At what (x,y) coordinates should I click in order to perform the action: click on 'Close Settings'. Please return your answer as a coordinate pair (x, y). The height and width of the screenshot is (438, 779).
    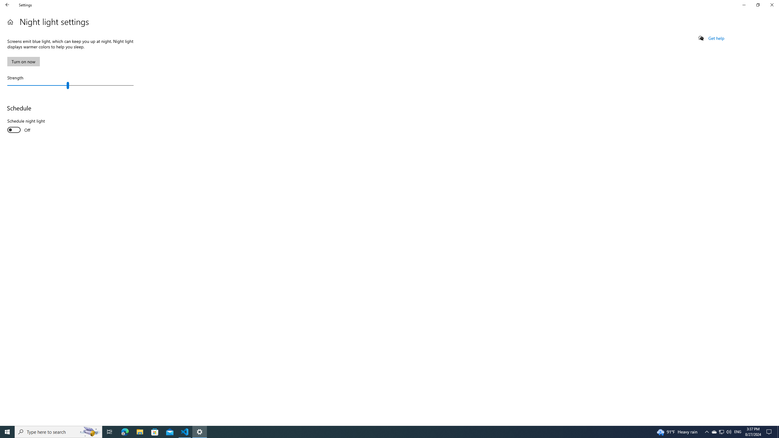
    Looking at the image, I should click on (771, 5).